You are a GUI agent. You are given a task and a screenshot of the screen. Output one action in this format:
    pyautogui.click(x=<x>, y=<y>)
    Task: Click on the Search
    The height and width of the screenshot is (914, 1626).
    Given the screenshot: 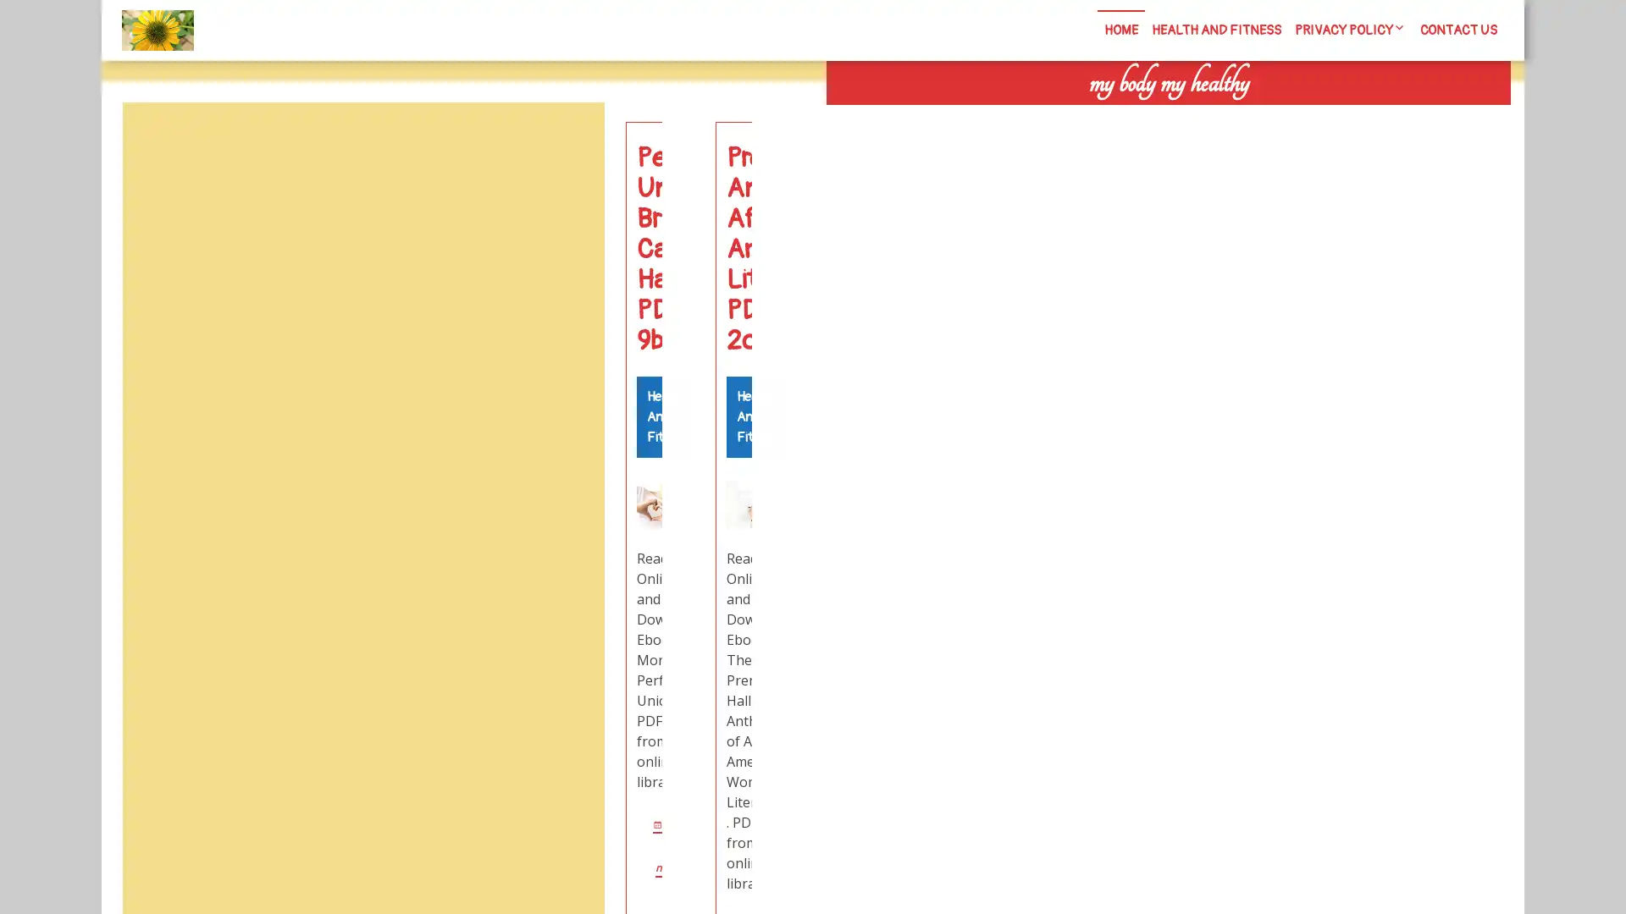 What is the action you would take?
    pyautogui.click(x=565, y=142)
    